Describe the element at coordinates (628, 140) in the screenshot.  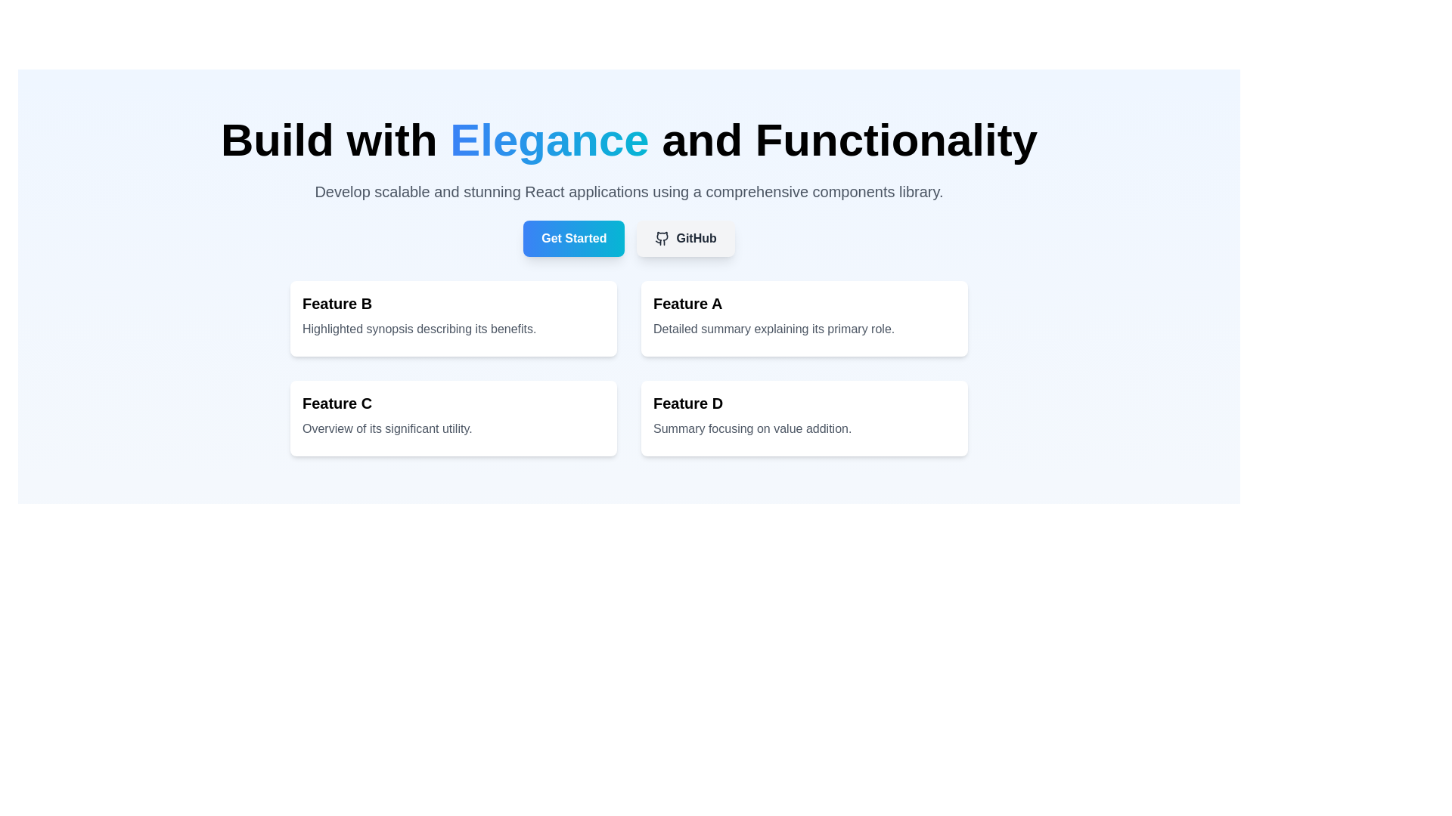
I see `the Text header element, which serves as the main title of the page and is centrally located at the top of the layout` at that location.